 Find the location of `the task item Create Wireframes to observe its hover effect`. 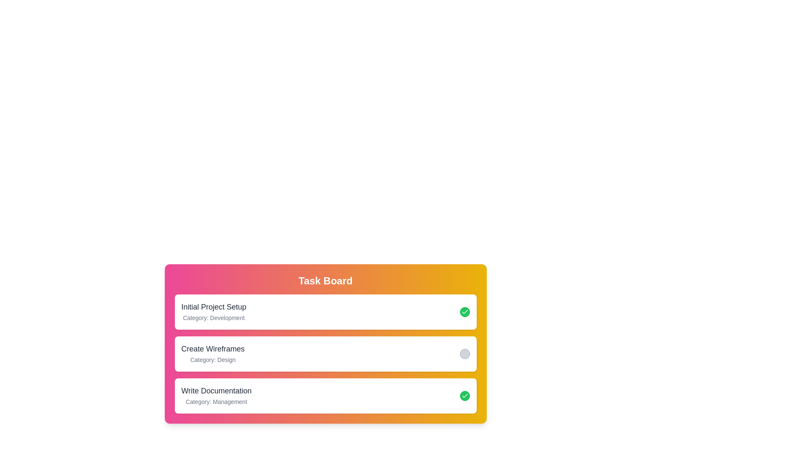

the task item Create Wireframes to observe its hover effect is located at coordinates (325, 354).